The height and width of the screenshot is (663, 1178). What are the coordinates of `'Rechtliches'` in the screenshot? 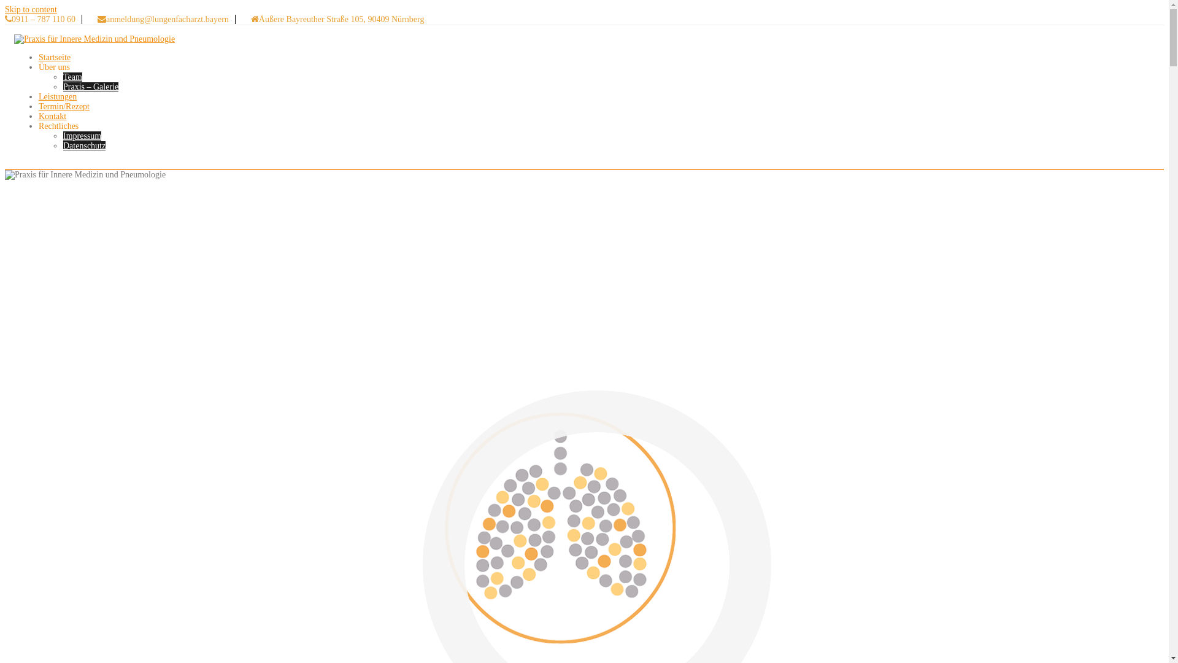 It's located at (58, 126).